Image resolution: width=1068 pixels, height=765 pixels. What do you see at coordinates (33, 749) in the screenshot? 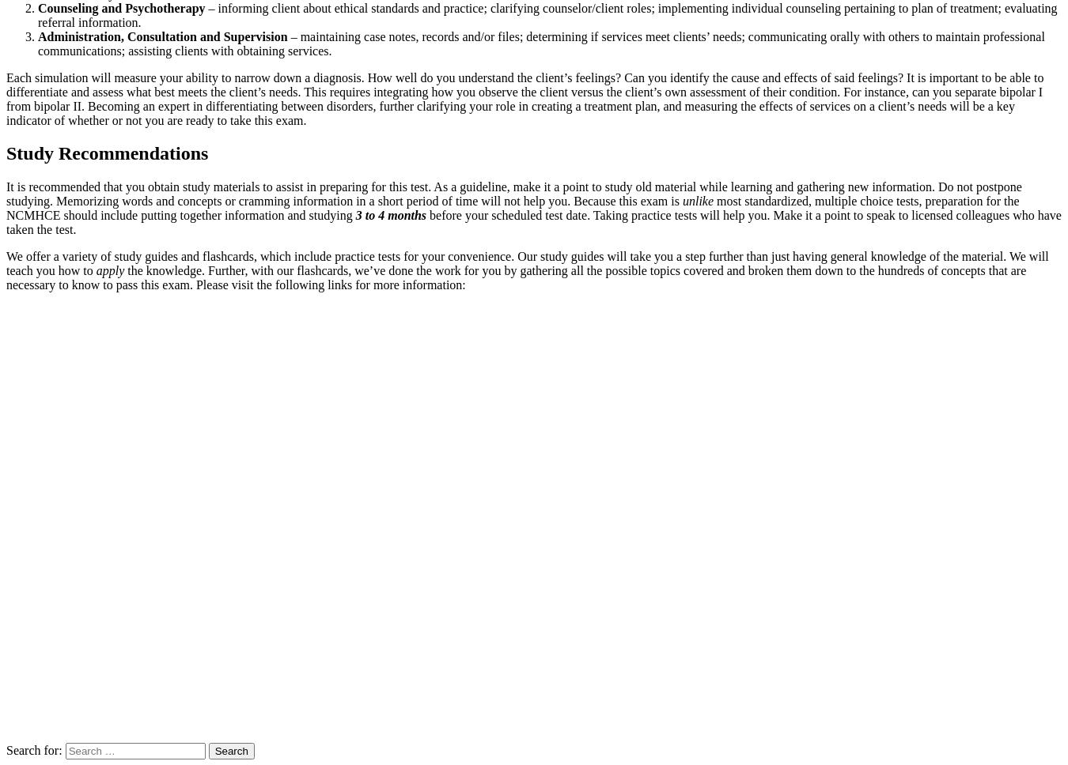
I see `'Search for:'` at bounding box center [33, 749].